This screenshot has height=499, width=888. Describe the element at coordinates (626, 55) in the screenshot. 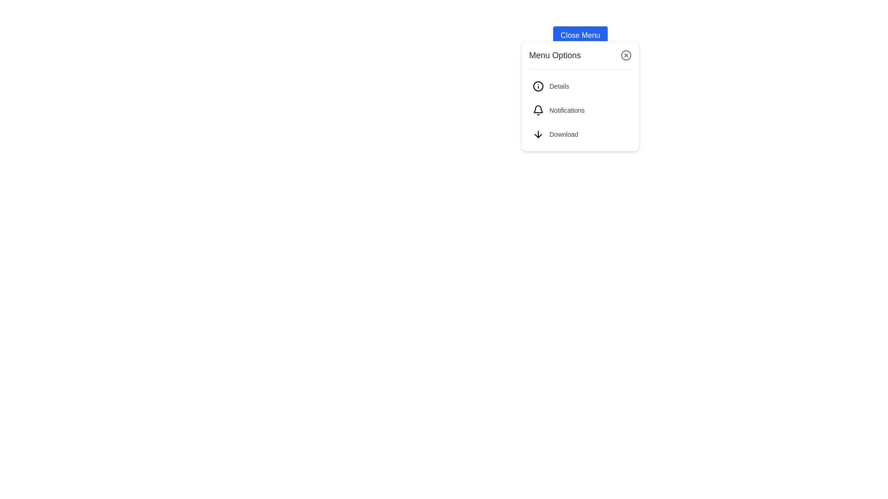

I see `the 'Close' icon button, represented by an SVG graphic containing a circle and a cross, located in the top-right corner of the 'Menu Options' box` at that location.